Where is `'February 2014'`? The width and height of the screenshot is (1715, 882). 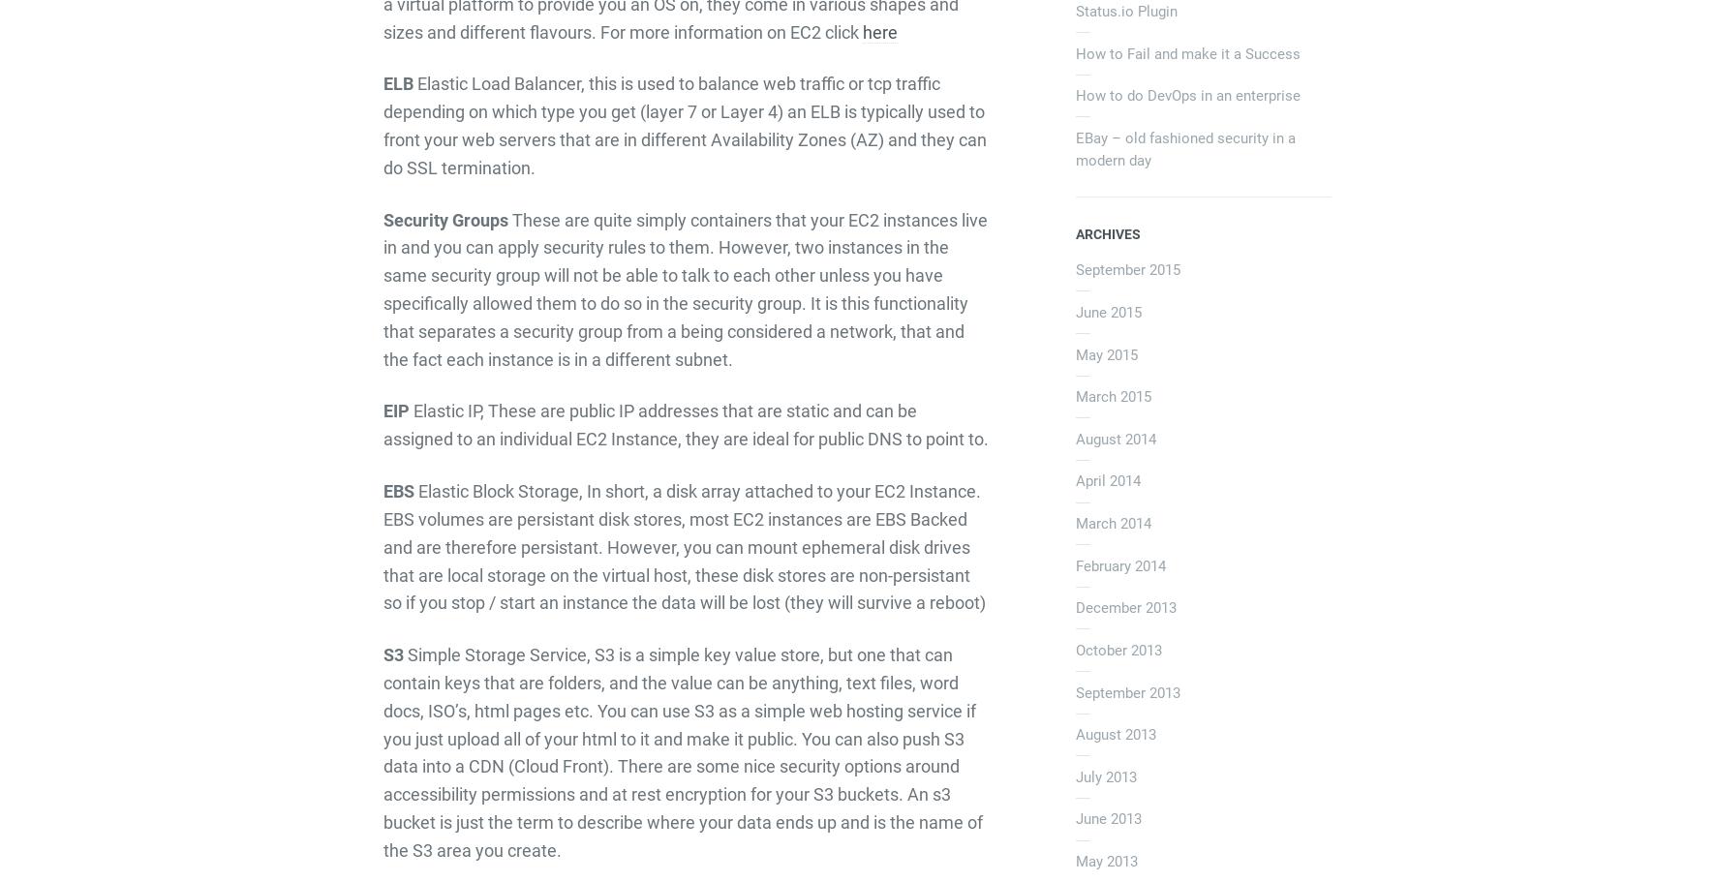
'February 2014' is located at coordinates (1119, 565).